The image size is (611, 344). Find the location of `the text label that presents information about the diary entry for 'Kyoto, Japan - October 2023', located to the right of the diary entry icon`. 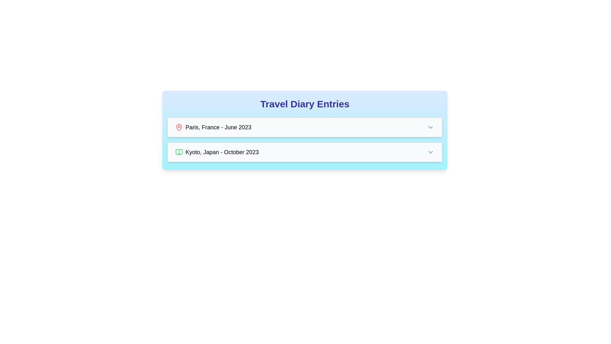

the text label that presents information about the diary entry for 'Kyoto, Japan - October 2023', located to the right of the diary entry icon is located at coordinates (222, 152).